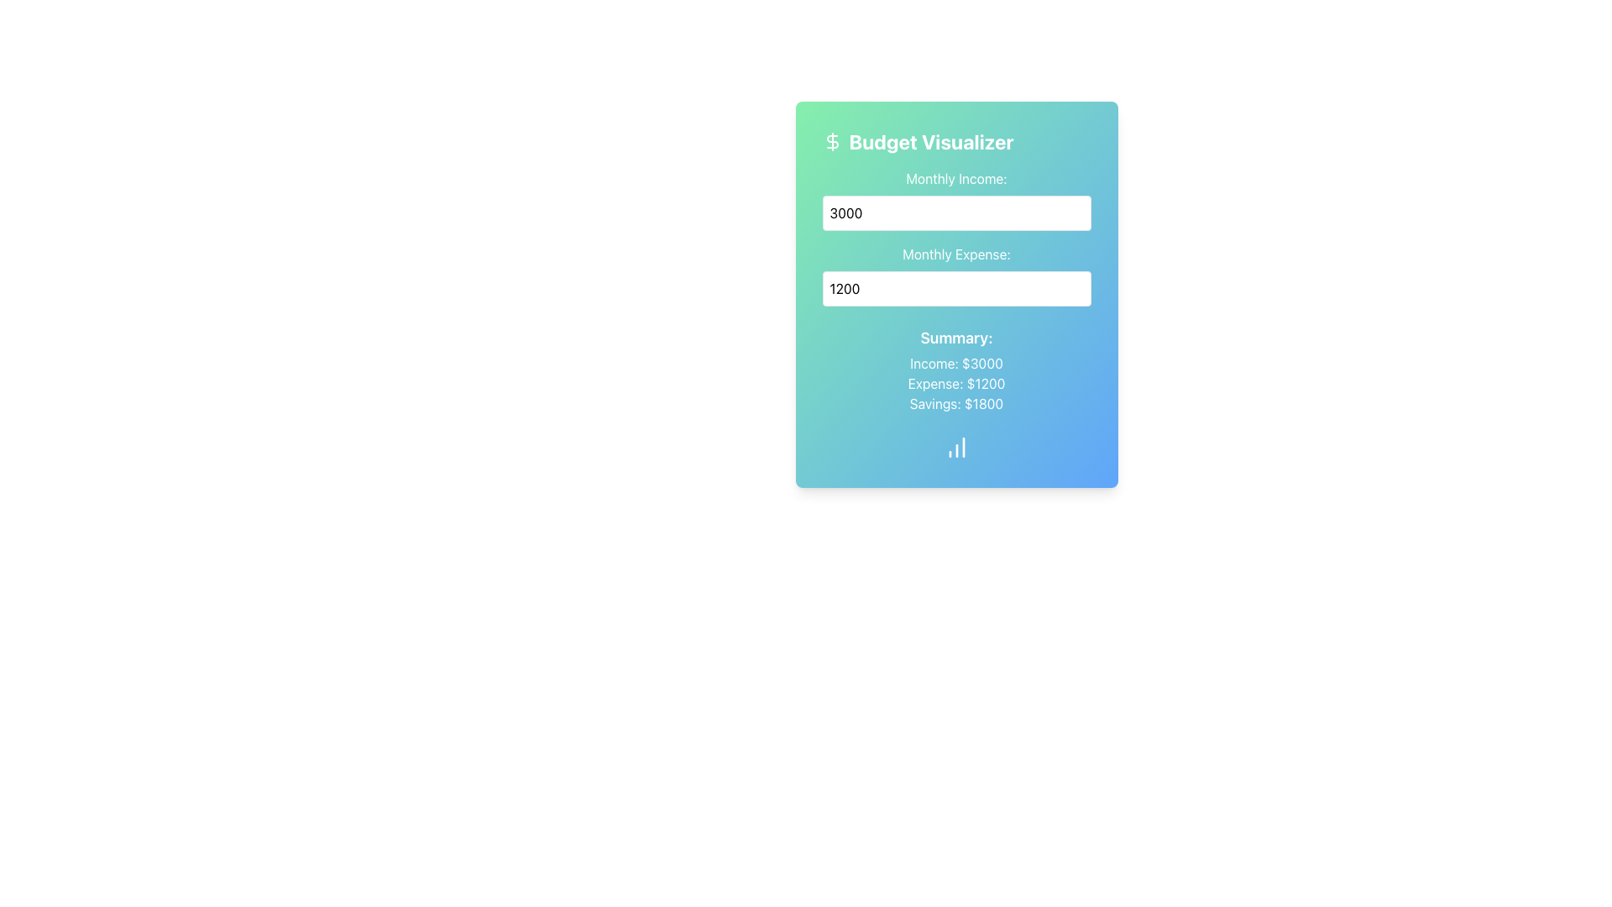 The height and width of the screenshot is (907, 1612). I want to click on value displayed in the Text Display that shows 'Expense: $1200', which is the second item in the list under the 'Summary:' heading, so click(956, 383).